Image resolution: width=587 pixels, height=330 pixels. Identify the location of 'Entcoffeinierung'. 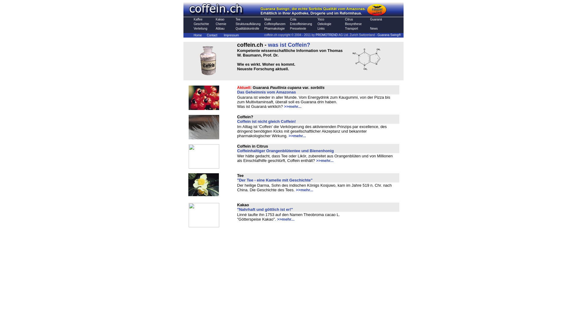
(301, 24).